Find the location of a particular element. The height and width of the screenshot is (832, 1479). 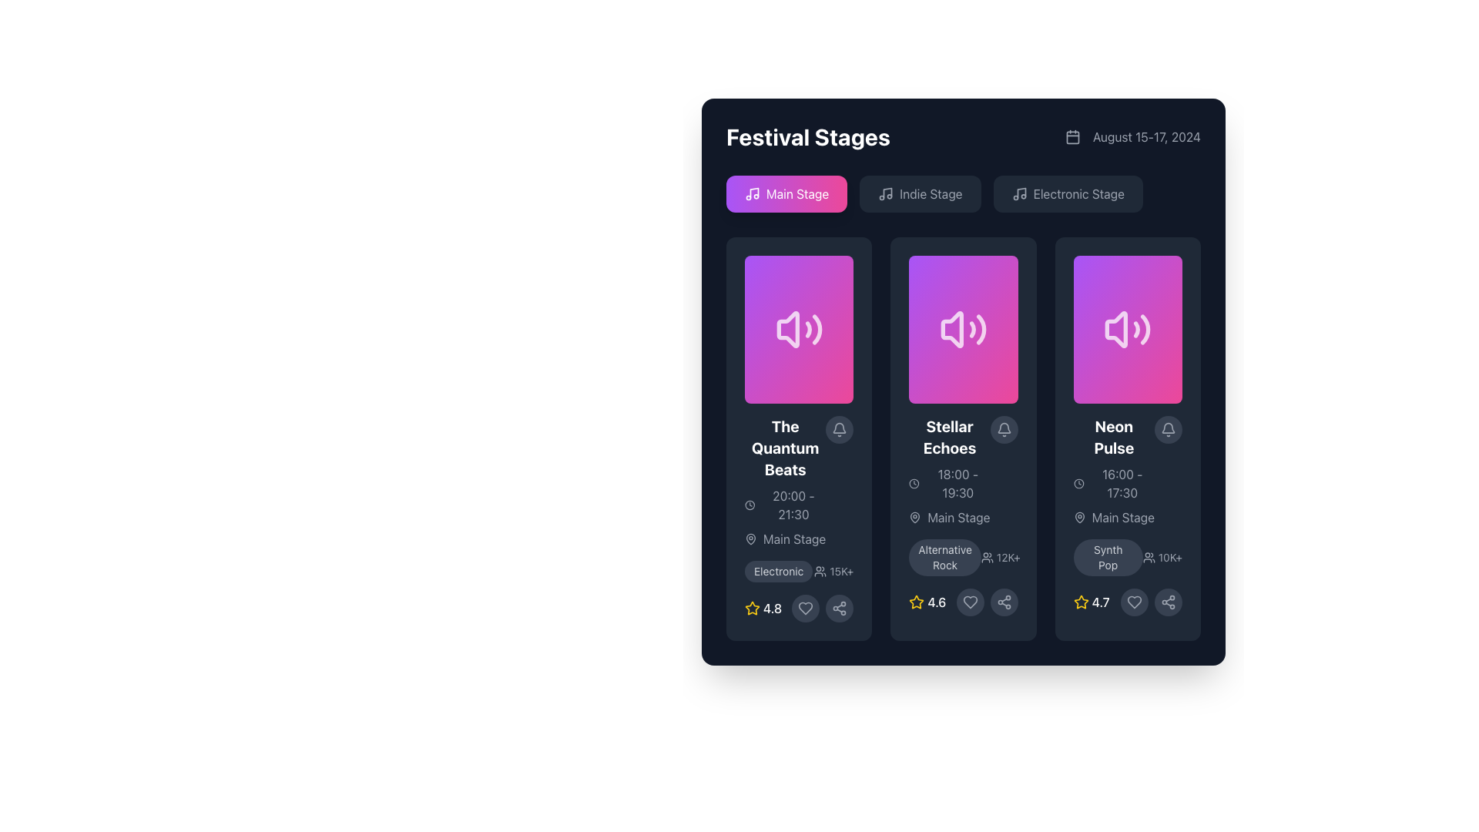

the pill-shaped label displaying 'Alternative Rock', positioned in the middle card below the title and metadata, aligned near the bottom center of the card is located at coordinates (944, 558).